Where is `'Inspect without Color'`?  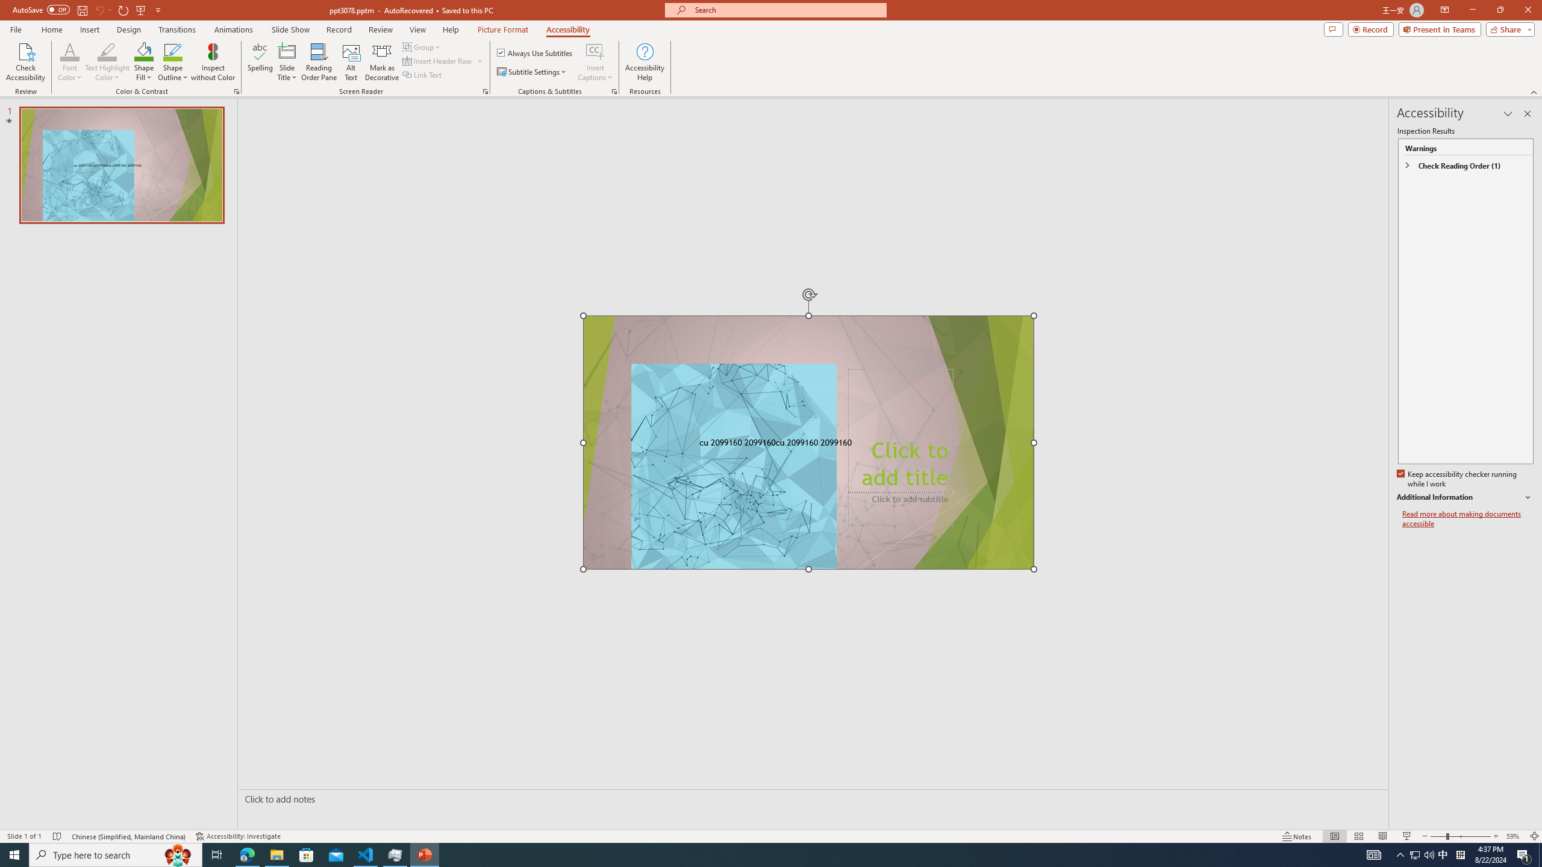
'Inspect without Color' is located at coordinates (213, 62).